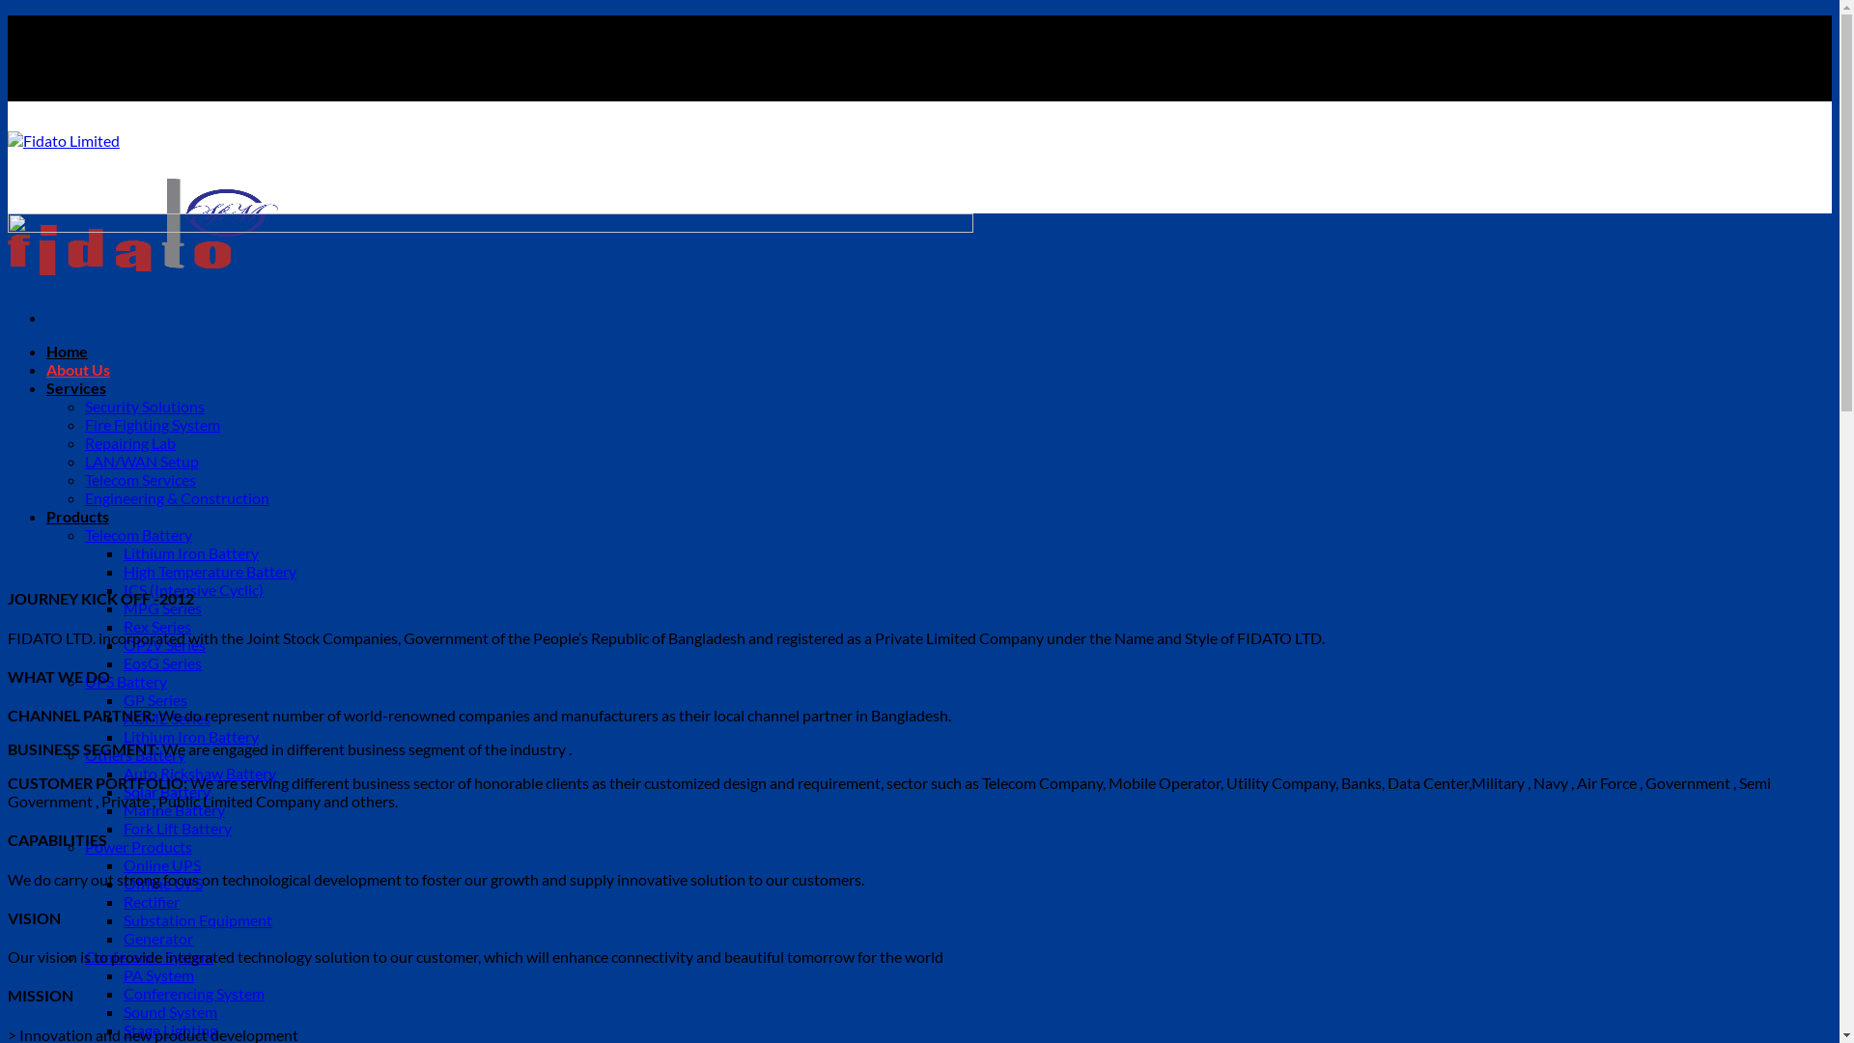  Describe the element at coordinates (46, 369) in the screenshot. I see `'About Us'` at that location.